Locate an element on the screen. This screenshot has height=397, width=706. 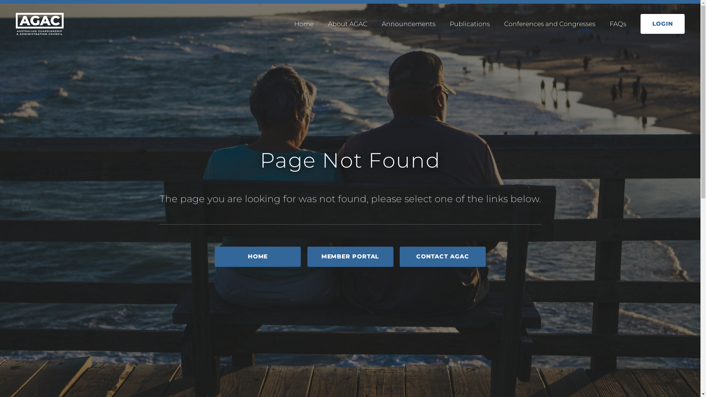
'Announcements' is located at coordinates (408, 23).